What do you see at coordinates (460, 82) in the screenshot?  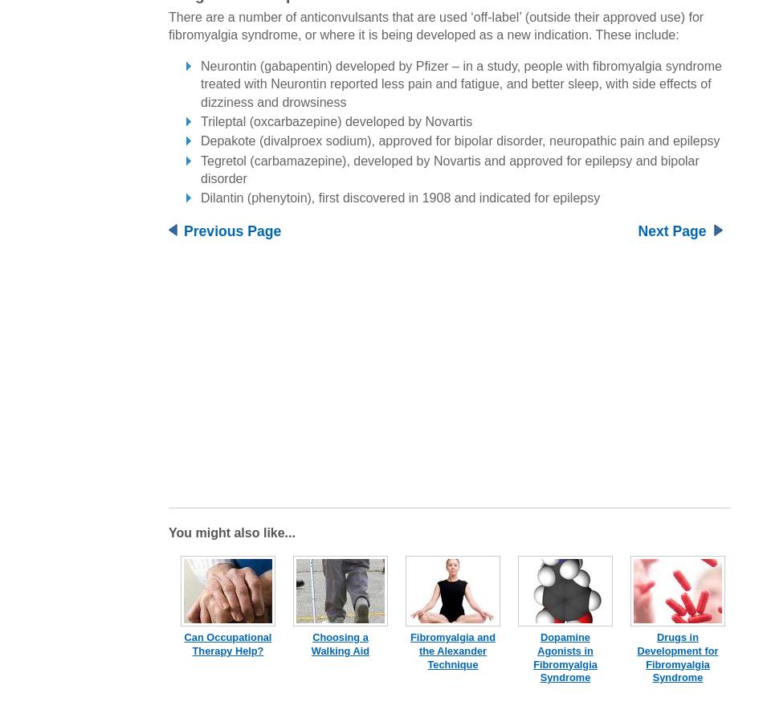 I see `'Neurontin (gabapentin) developed by Pfizer – in a study, people with fibromyalgia syndrome treated with Neurontin reported less pain and fatigue, and better sleep, with side effects of dizziness and drowsiness'` at bounding box center [460, 82].